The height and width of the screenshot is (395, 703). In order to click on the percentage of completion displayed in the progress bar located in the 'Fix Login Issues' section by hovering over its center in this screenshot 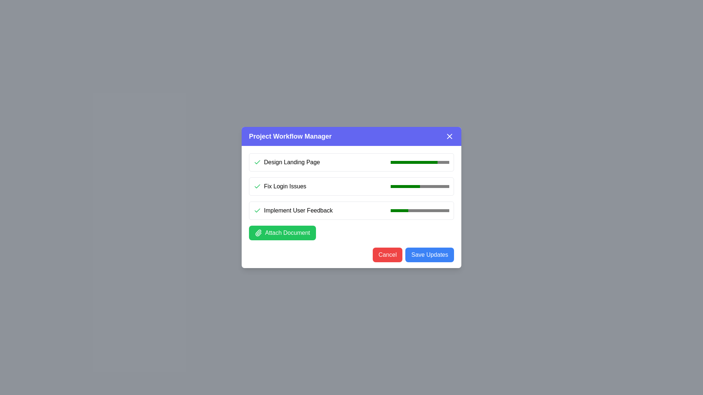, I will do `click(420, 186)`.